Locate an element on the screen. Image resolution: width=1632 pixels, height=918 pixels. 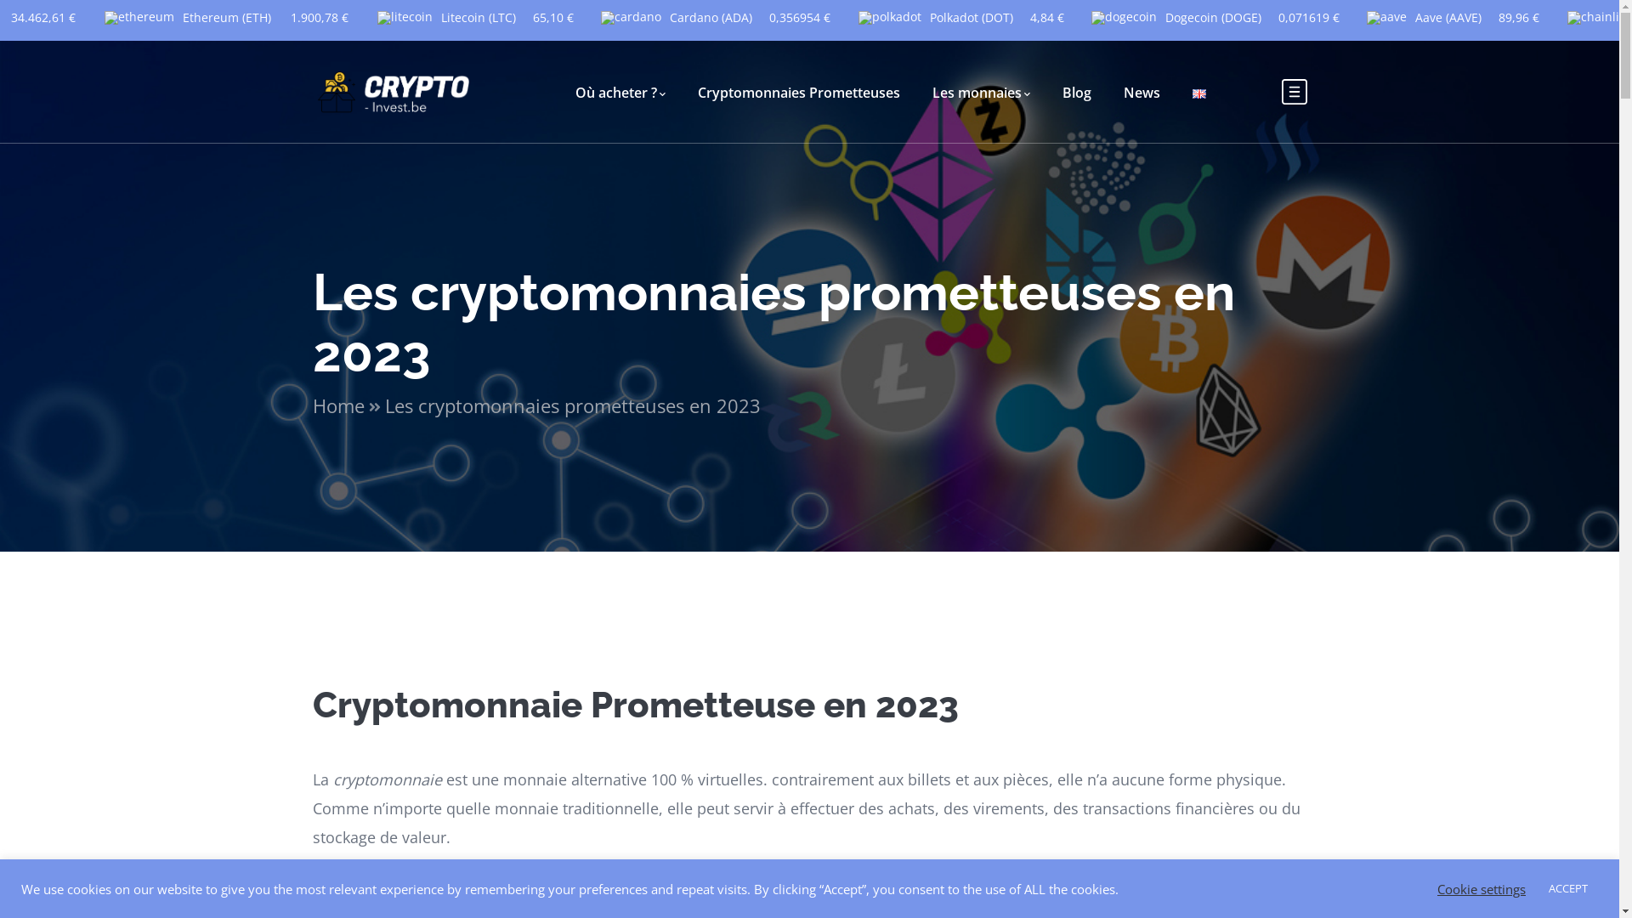
'ACCEPT' is located at coordinates (1567, 887).